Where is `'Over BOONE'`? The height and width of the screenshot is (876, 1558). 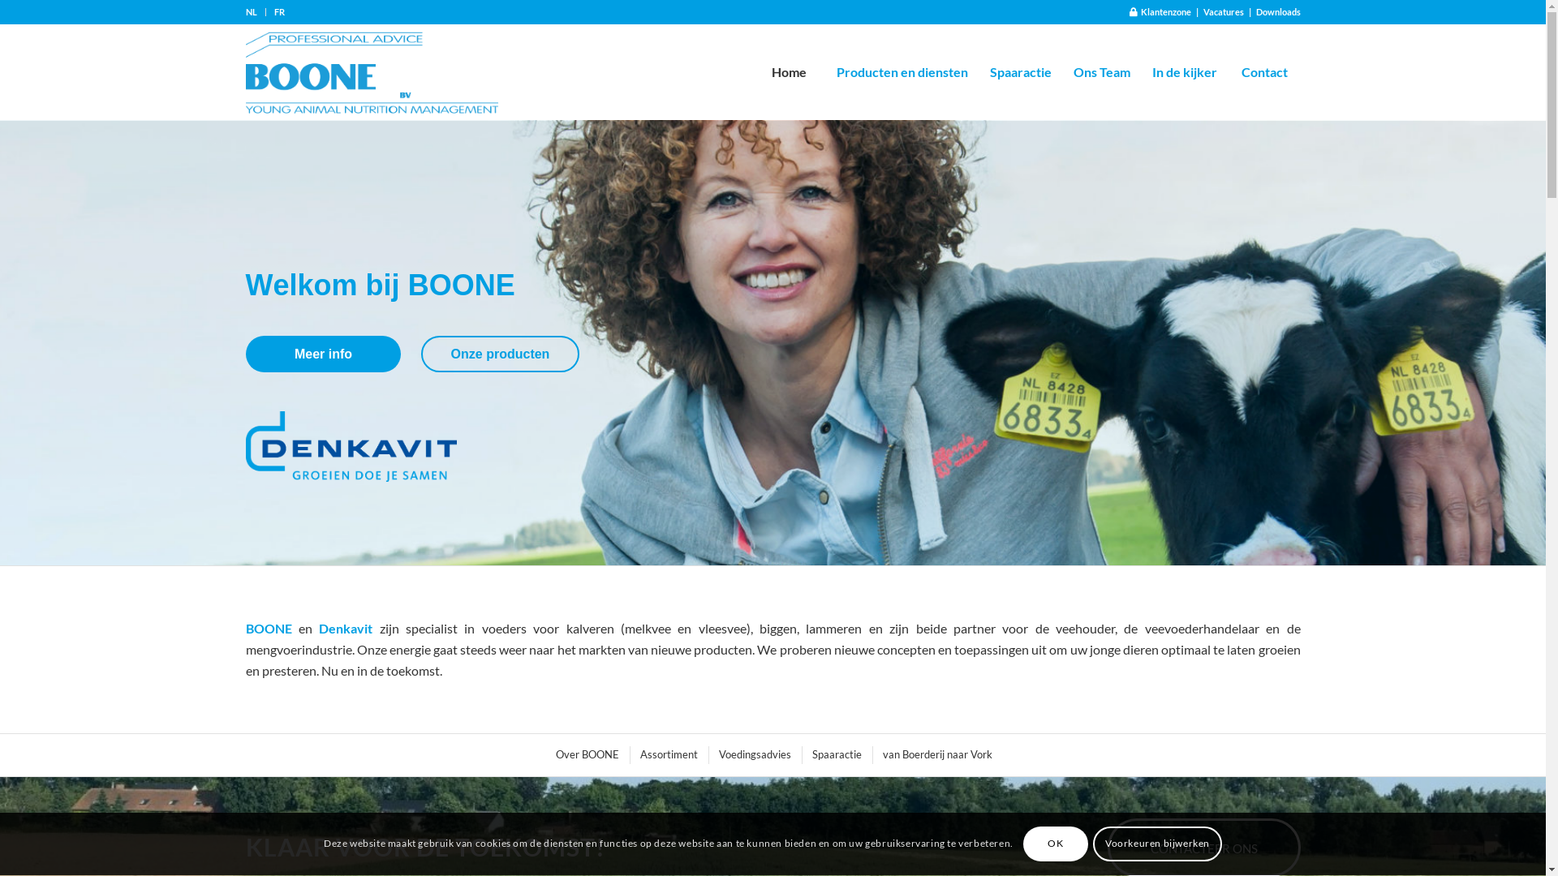 'Over BOONE' is located at coordinates (584, 754).